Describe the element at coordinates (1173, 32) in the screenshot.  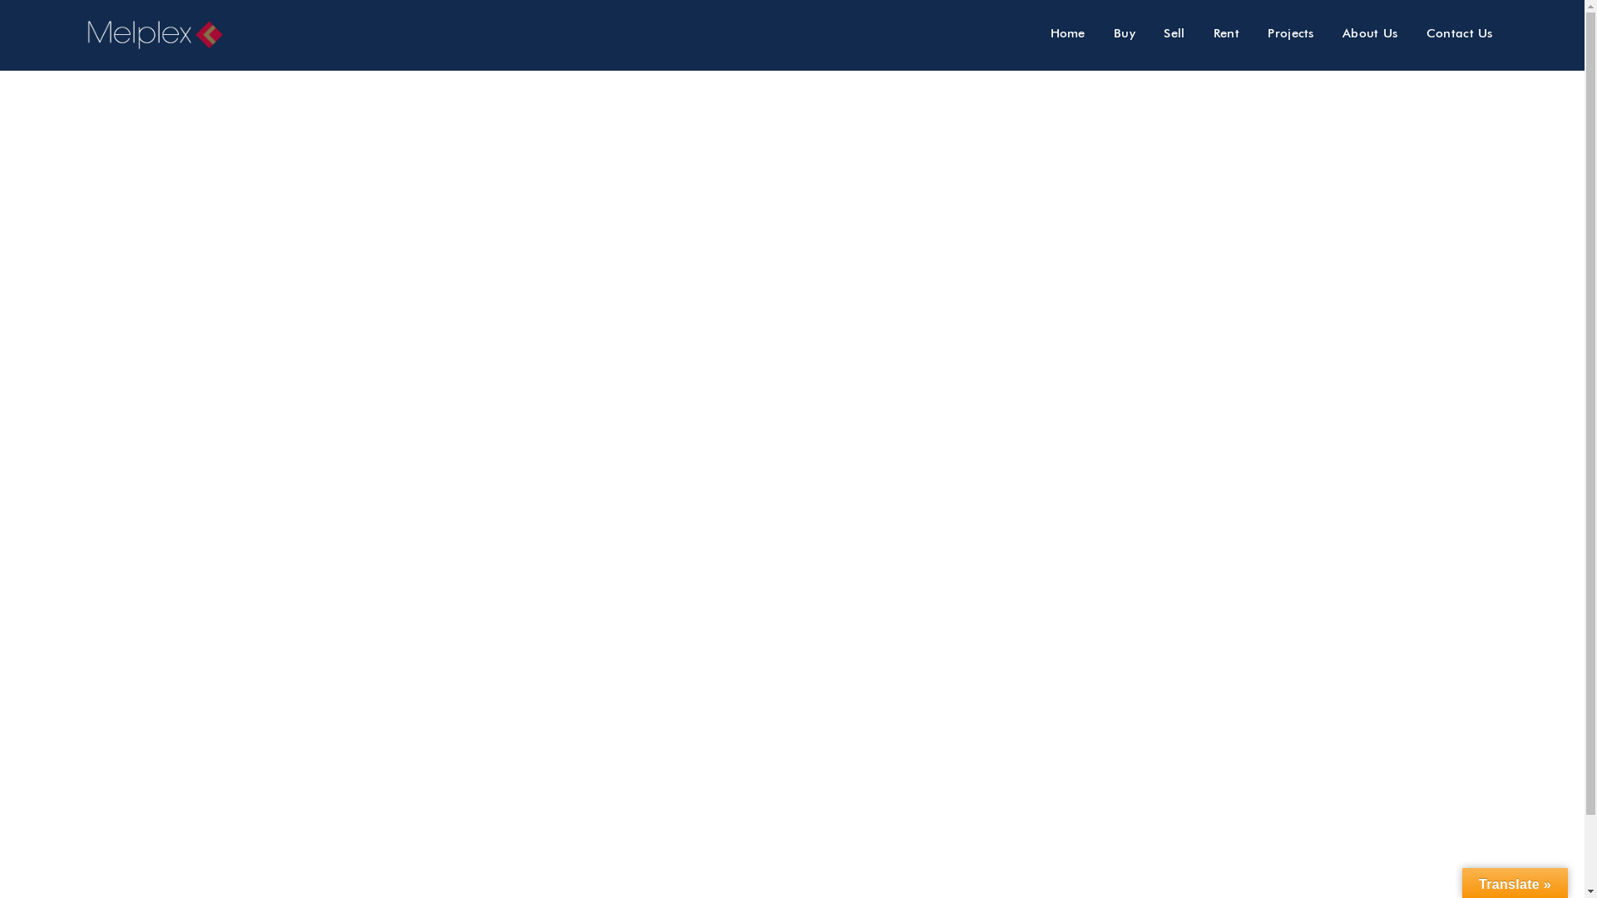
I see `'Sell'` at that location.